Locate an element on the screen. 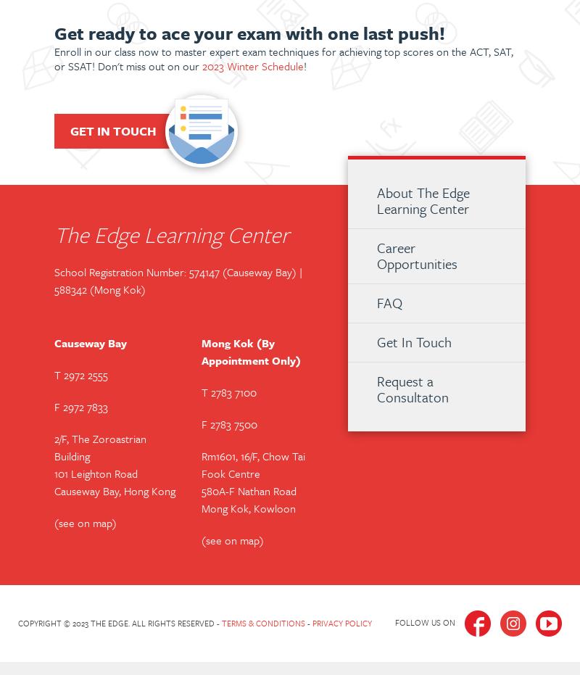 This screenshot has height=675, width=580. 'Get In Touch' is located at coordinates (376, 341).